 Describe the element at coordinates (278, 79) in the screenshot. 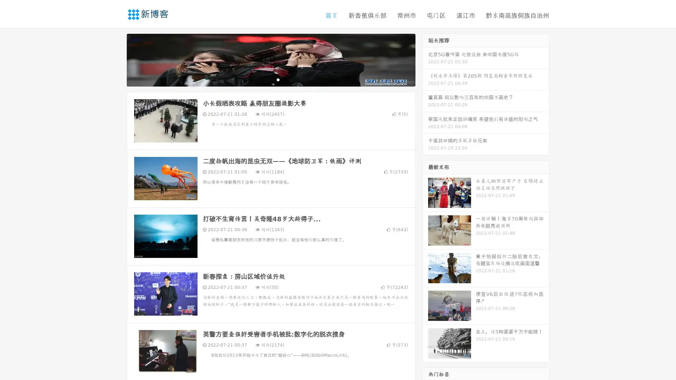

I see `Go to slide 3` at that location.